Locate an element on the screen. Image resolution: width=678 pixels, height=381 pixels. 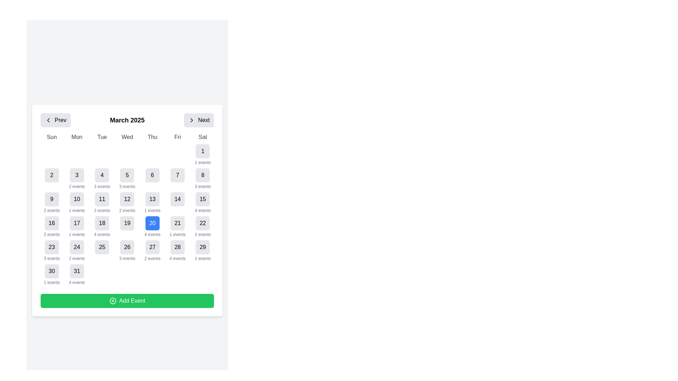
the calendar cell button displaying the number 25 is located at coordinates (102, 250).